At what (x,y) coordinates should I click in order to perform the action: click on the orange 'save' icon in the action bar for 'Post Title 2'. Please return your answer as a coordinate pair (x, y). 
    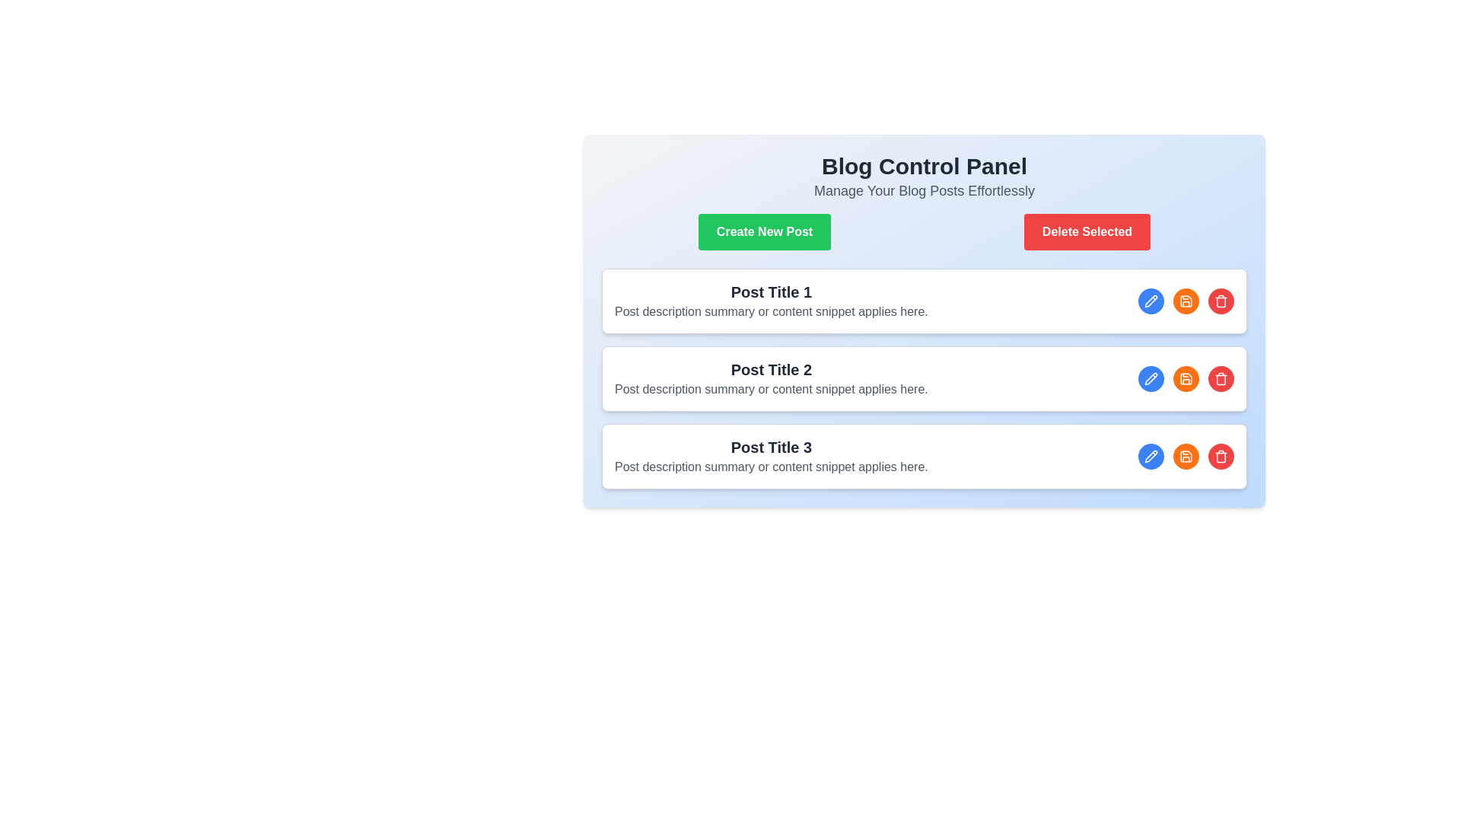
    Looking at the image, I should click on (1186, 301).